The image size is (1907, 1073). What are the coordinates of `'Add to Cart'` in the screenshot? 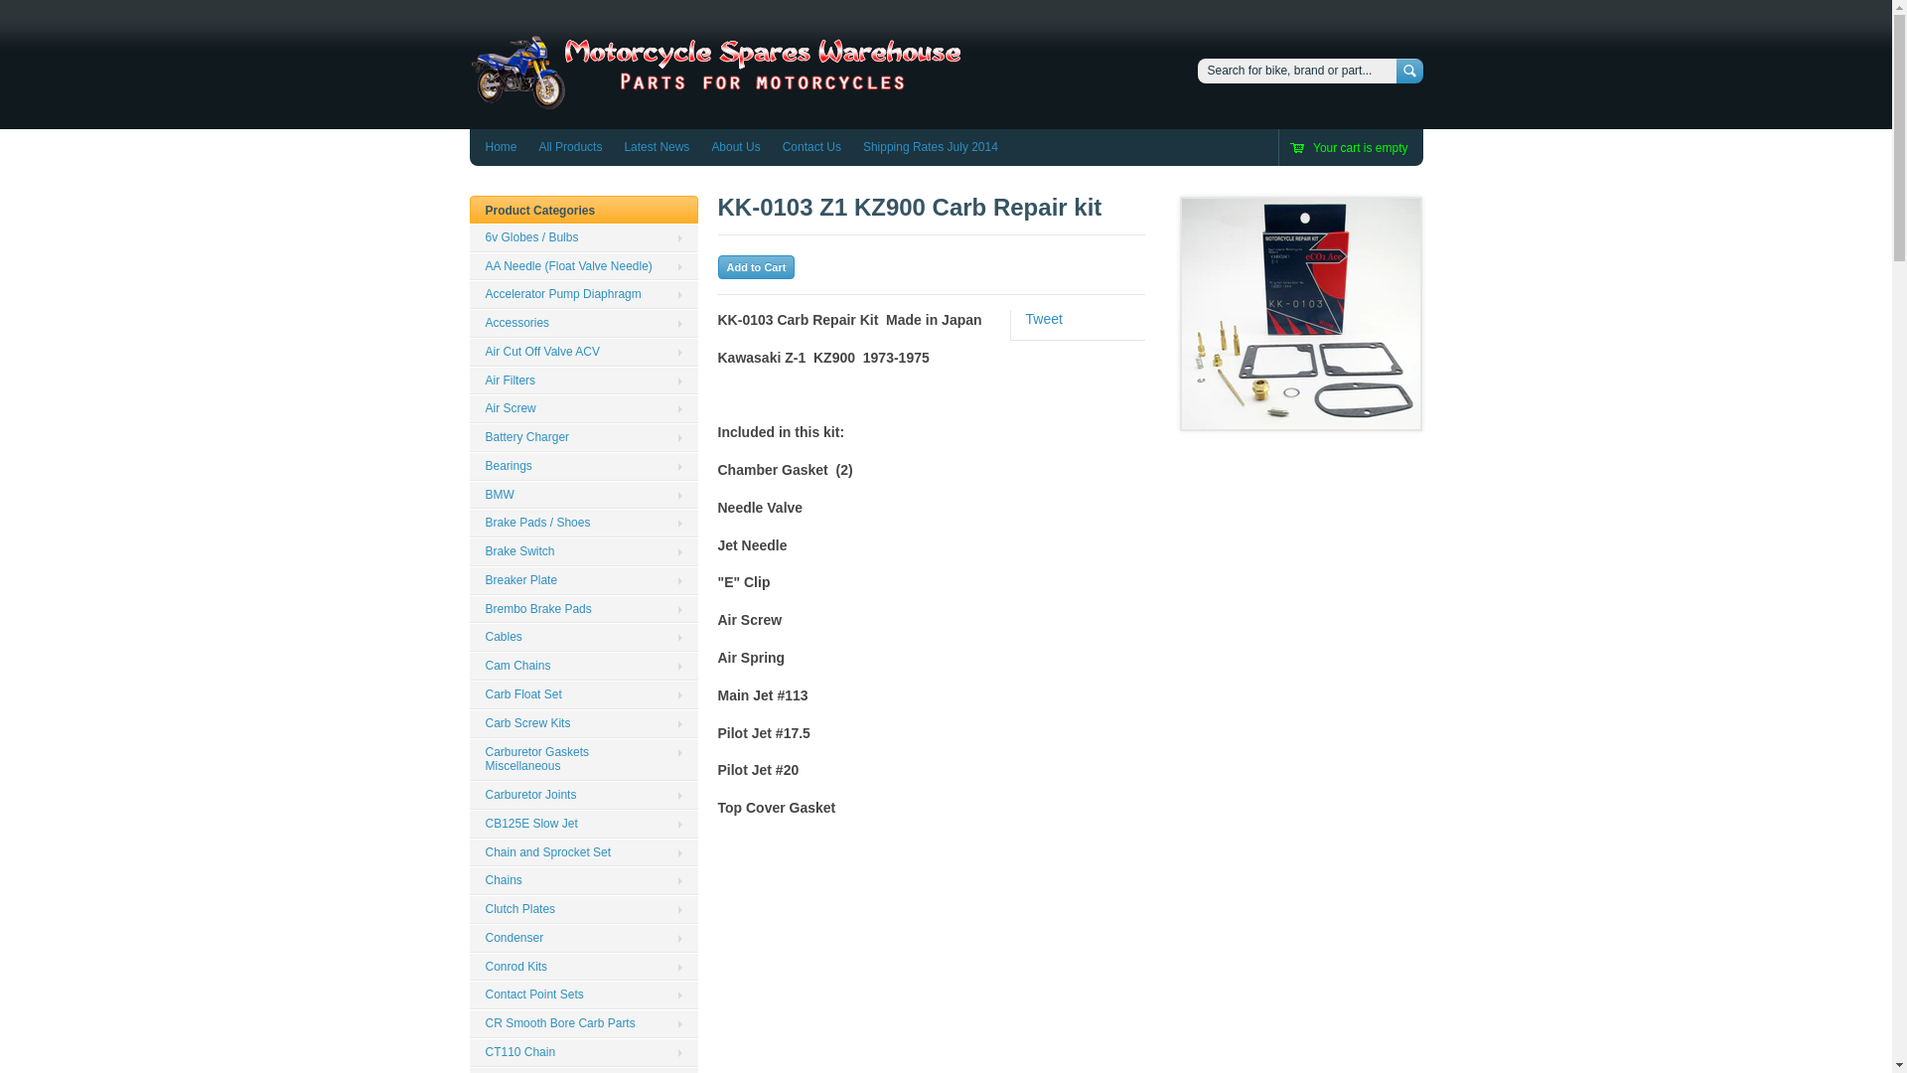 It's located at (755, 266).